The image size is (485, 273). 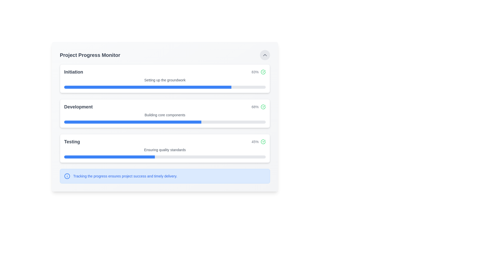 What do you see at coordinates (258, 72) in the screenshot?
I see `the percentage completion and checkmark icon status of the combined text and icon element located on the right side of the 'Initiation' row in the 'Project Progress Monitor' interface` at bounding box center [258, 72].